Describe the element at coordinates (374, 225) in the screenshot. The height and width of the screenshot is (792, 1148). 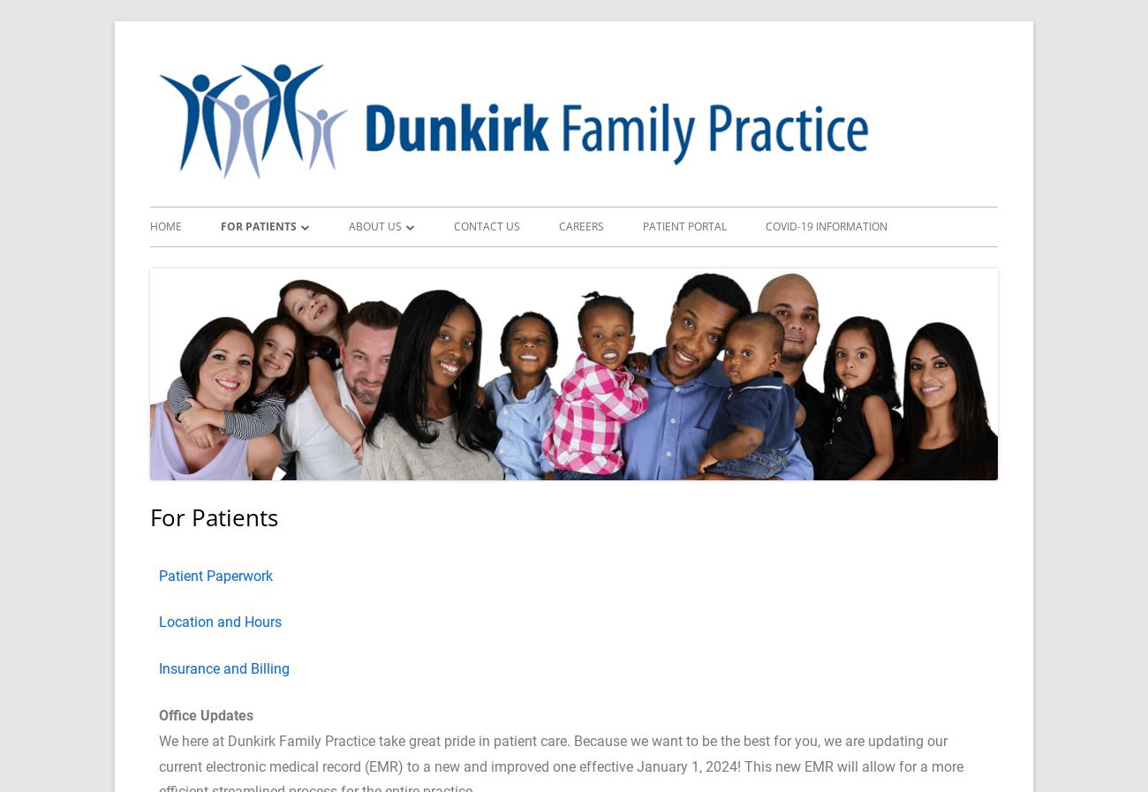
I see `'About Us'` at that location.